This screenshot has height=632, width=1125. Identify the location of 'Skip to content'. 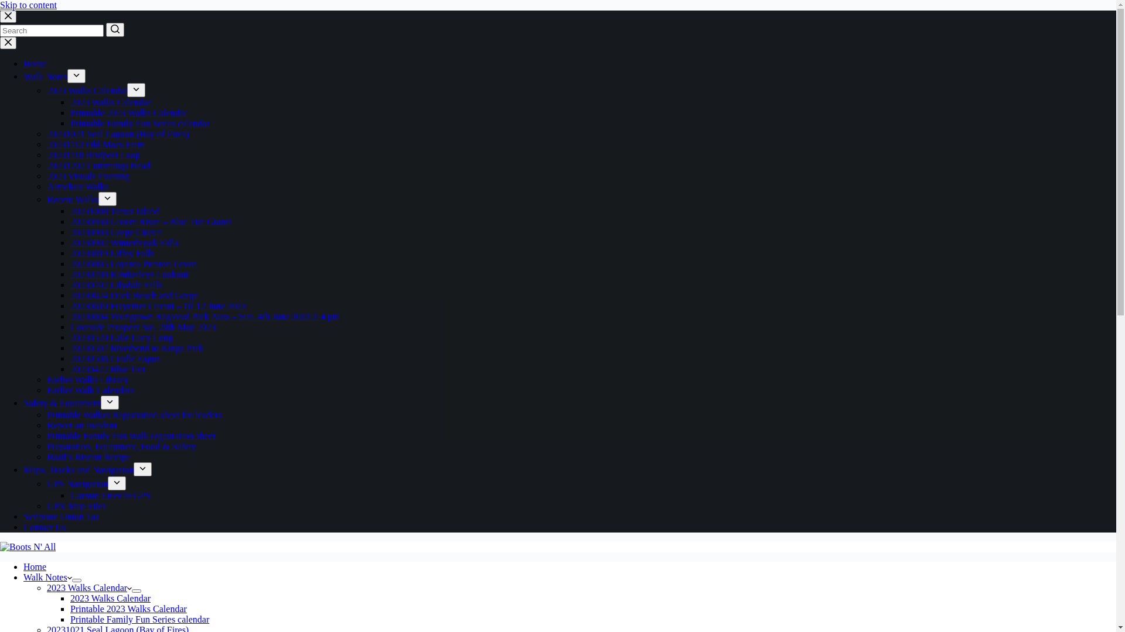
(28, 5).